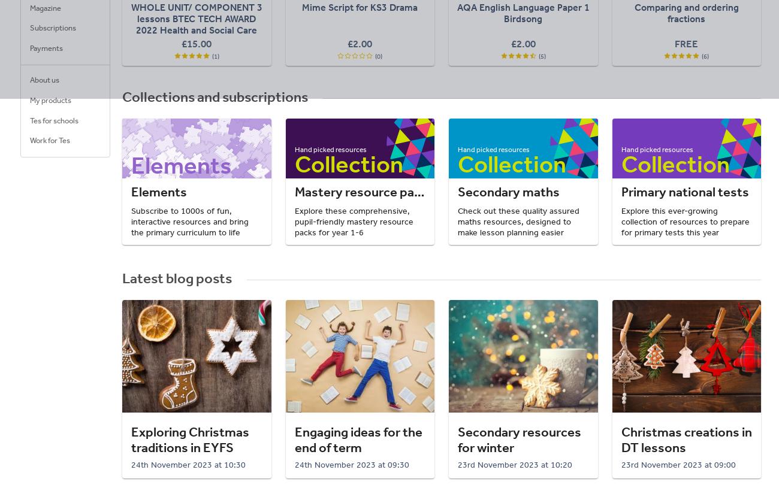 The image size is (779, 500). Describe the element at coordinates (158, 191) in the screenshot. I see `'Elements'` at that location.